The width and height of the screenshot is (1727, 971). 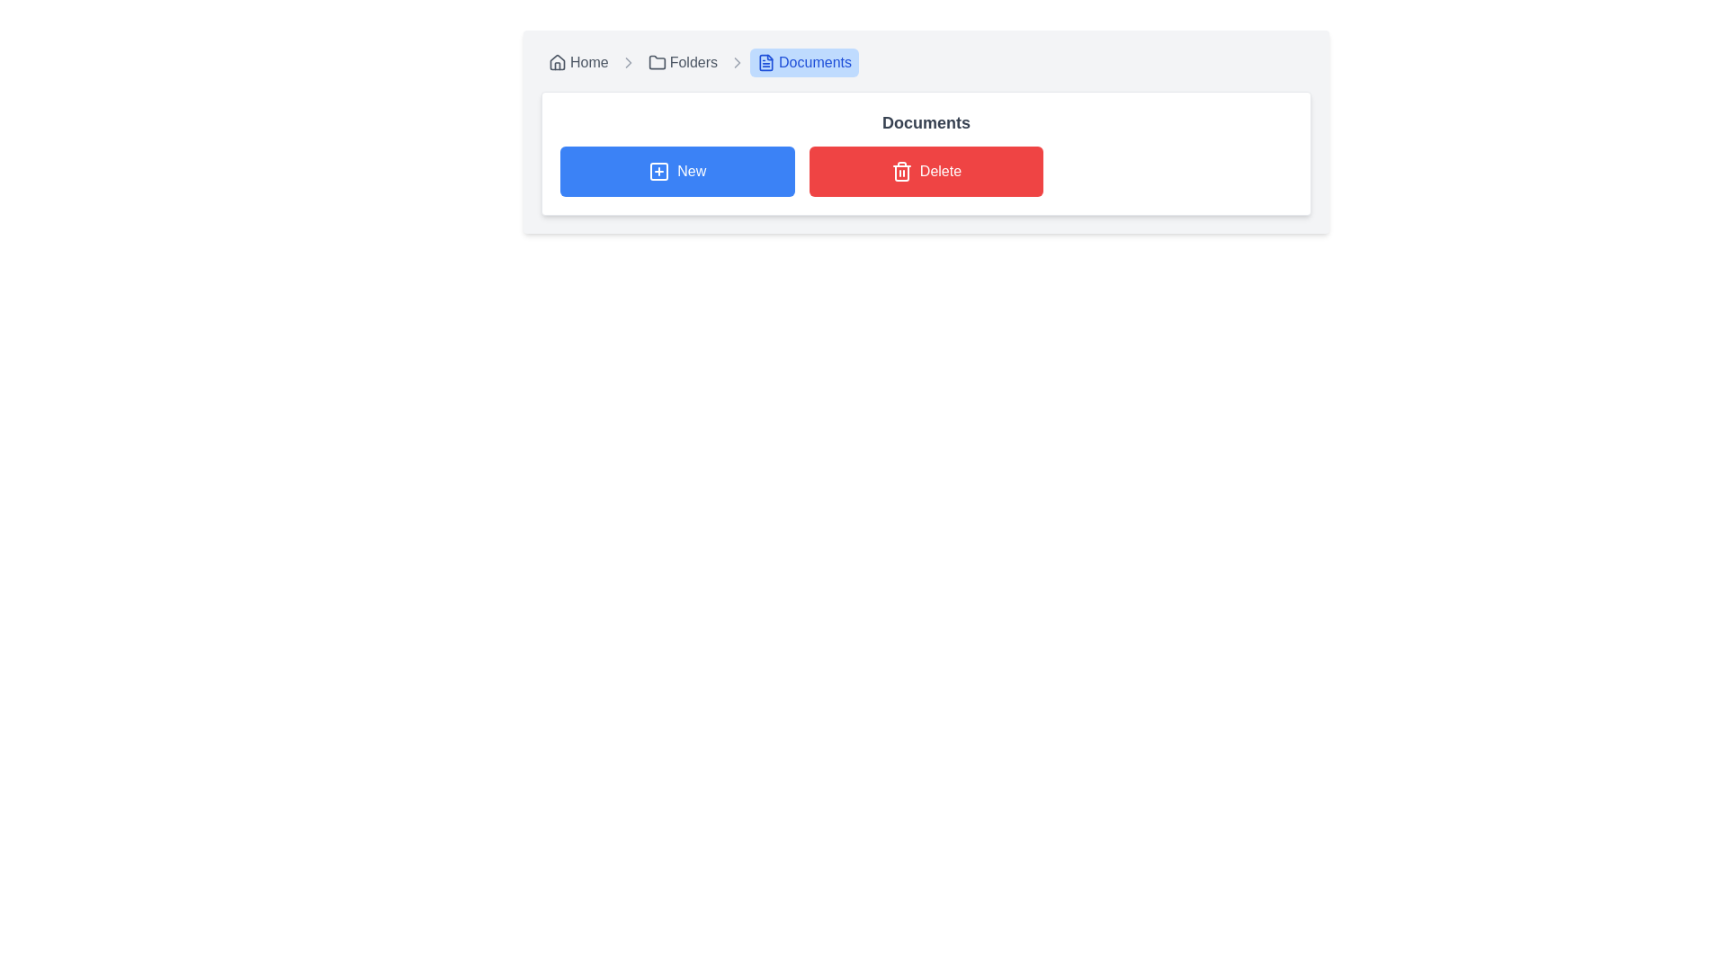 What do you see at coordinates (738, 61) in the screenshot?
I see `the chevron icon in the breadcrumb navigation bar, which serves as a visual indicator between 'Folders' and 'Documents'` at bounding box center [738, 61].